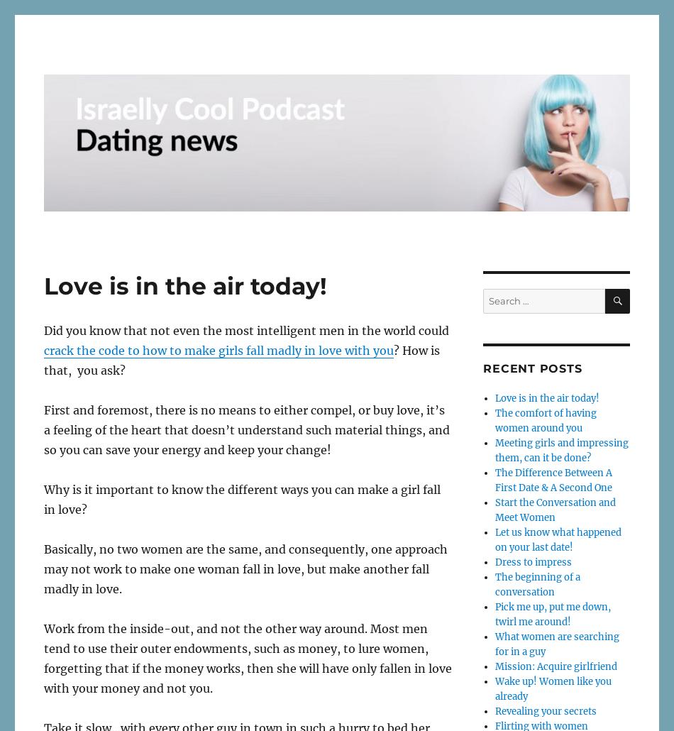 This screenshot has width=674, height=731. I want to click on 'Dress to impress', so click(531, 561).